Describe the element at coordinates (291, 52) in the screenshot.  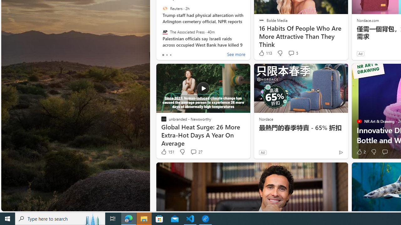
I see `'View comments 5 Comment'` at that location.